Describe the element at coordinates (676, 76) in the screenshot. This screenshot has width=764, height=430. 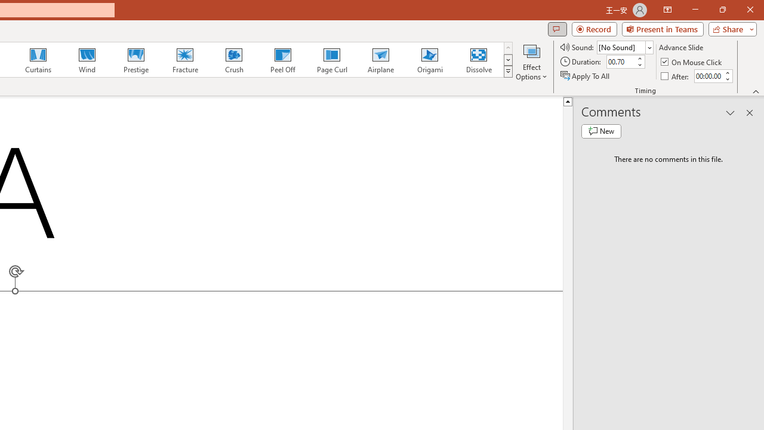
I see `'After'` at that location.